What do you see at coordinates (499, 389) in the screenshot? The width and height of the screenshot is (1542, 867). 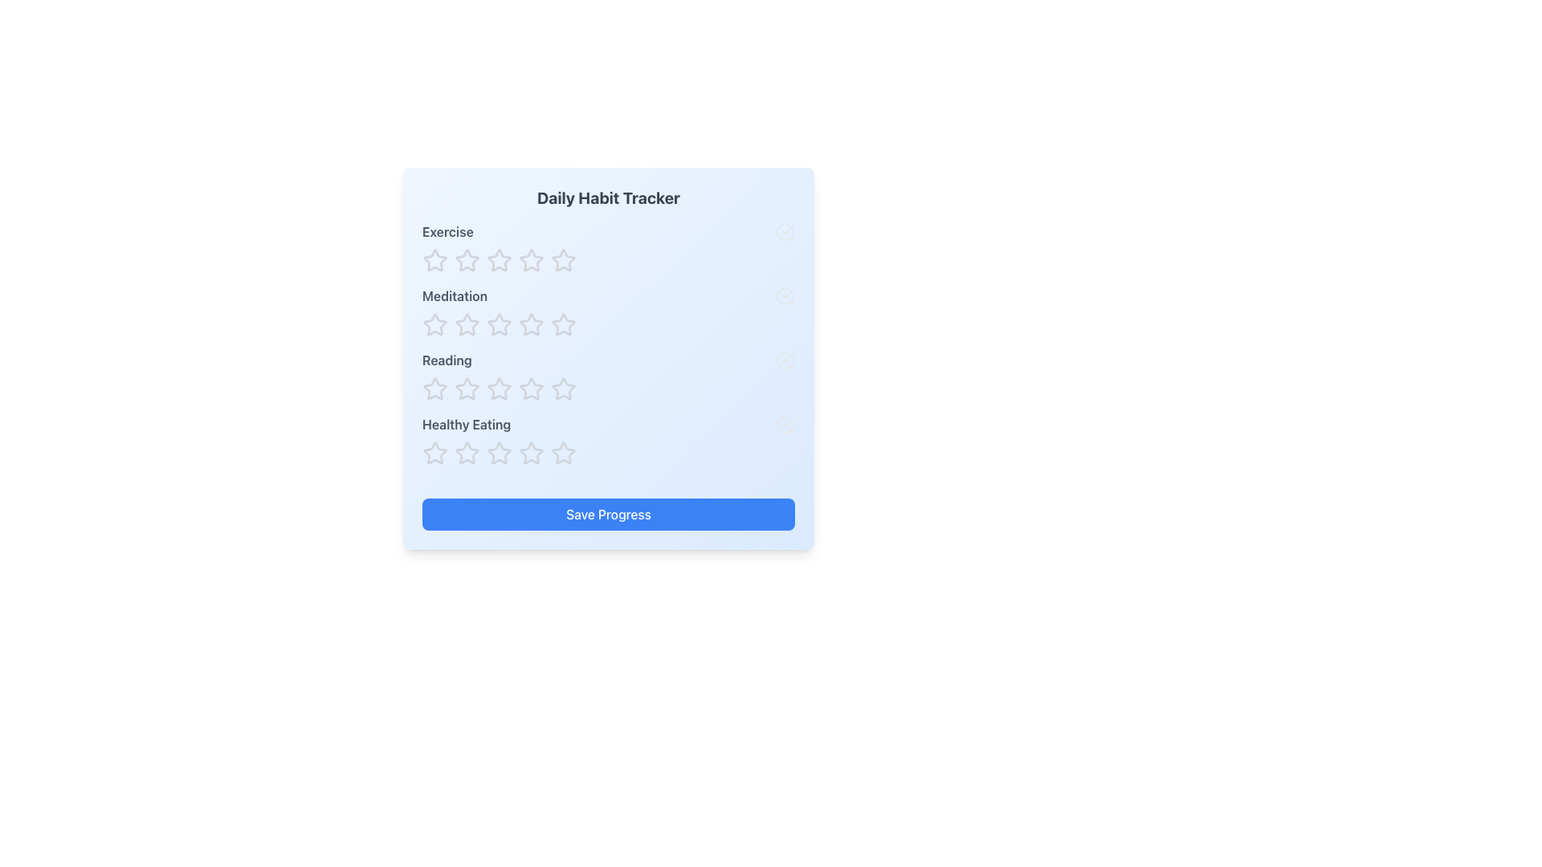 I see `the third star in the 5-star rating system for 'Reading' for keyboard interaction` at bounding box center [499, 389].